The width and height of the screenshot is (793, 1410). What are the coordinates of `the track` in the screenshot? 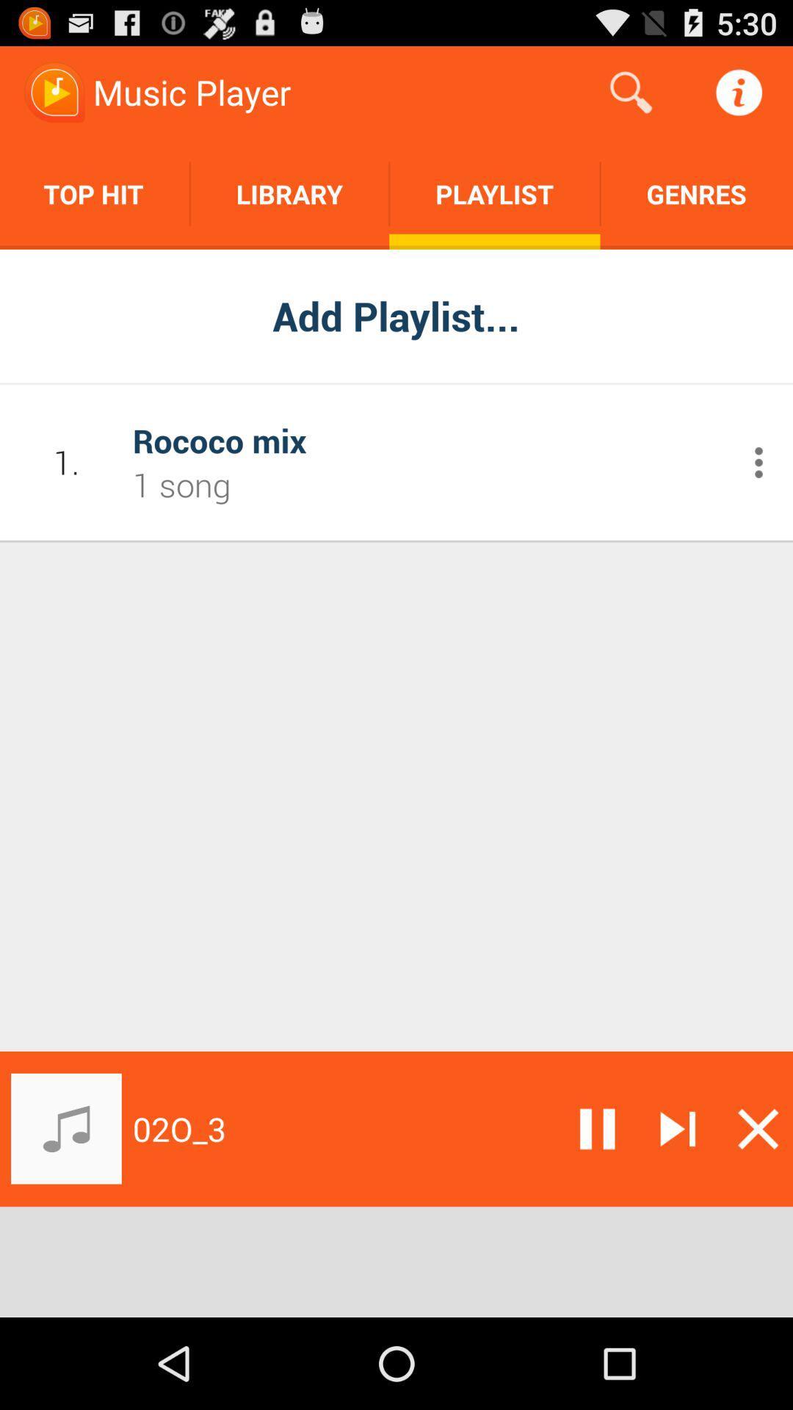 It's located at (758, 1128).